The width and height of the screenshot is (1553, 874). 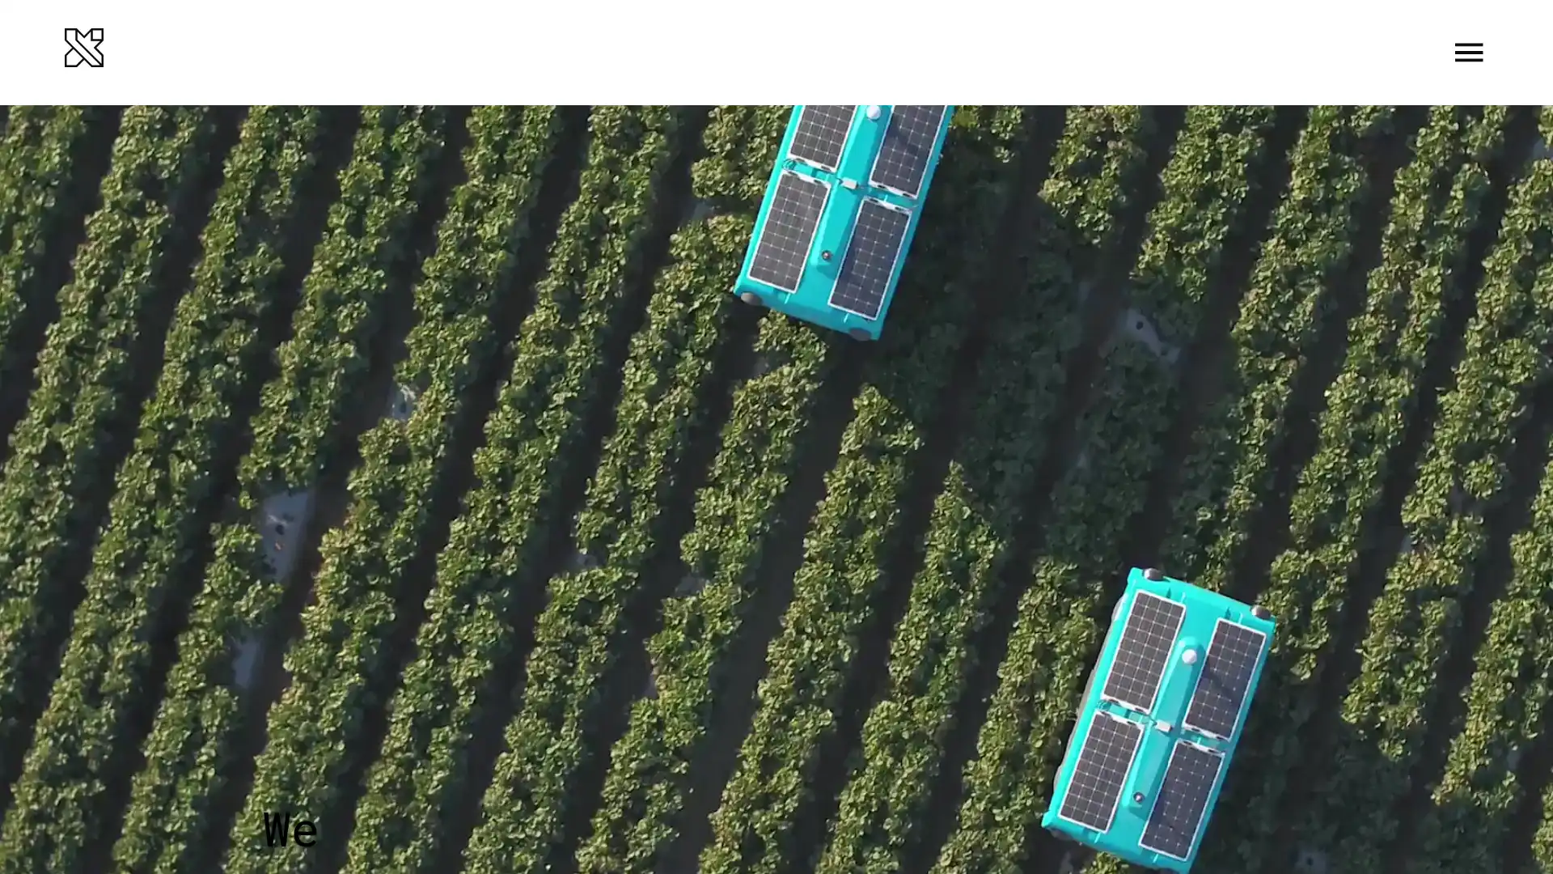 I want to click on A Makani plane takes off from an offshore buoy at sea and generates power from the wind Makani graduates After the latest Makani model generates 600 kilowatts of electricity  enough energy to power about 300 homes  Makani becomes an independent company within Alphabet and partners with Shell to continue working towards clean, affordable wind power., so click(x=819, y=114).